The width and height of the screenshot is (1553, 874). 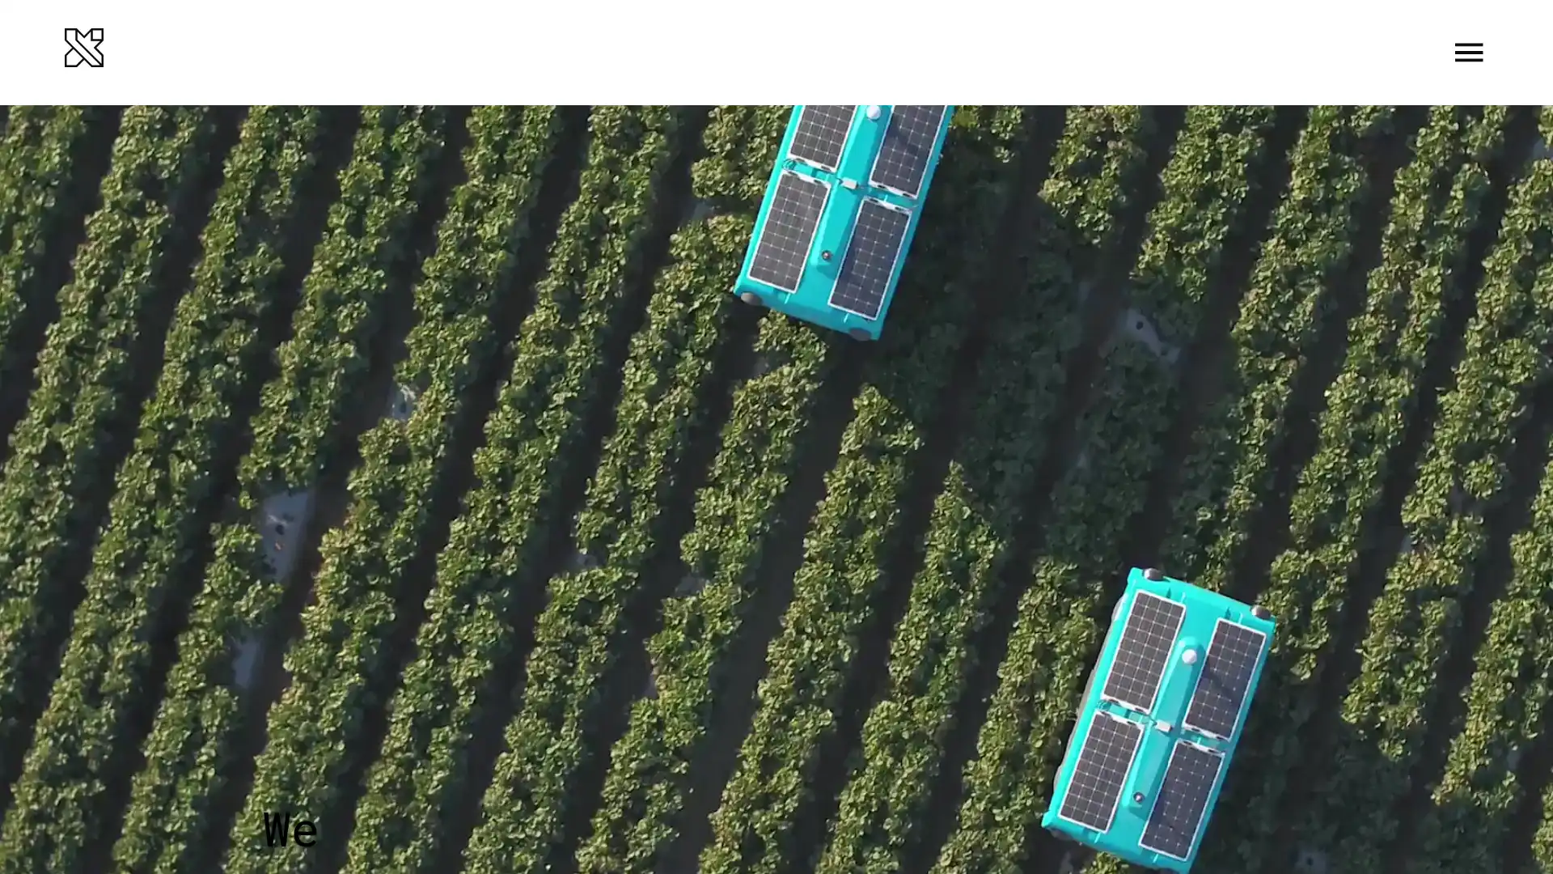 I want to click on A Makani plane takes off from an offshore buoy at sea and generates power from the wind Makani graduates After the latest Makani model generates 600 kilowatts of electricity  enough energy to power about 300 homes  Makani becomes an independent company within Alphabet and partners with Shell to continue working towards clean, affordable wind power., so click(x=819, y=114).